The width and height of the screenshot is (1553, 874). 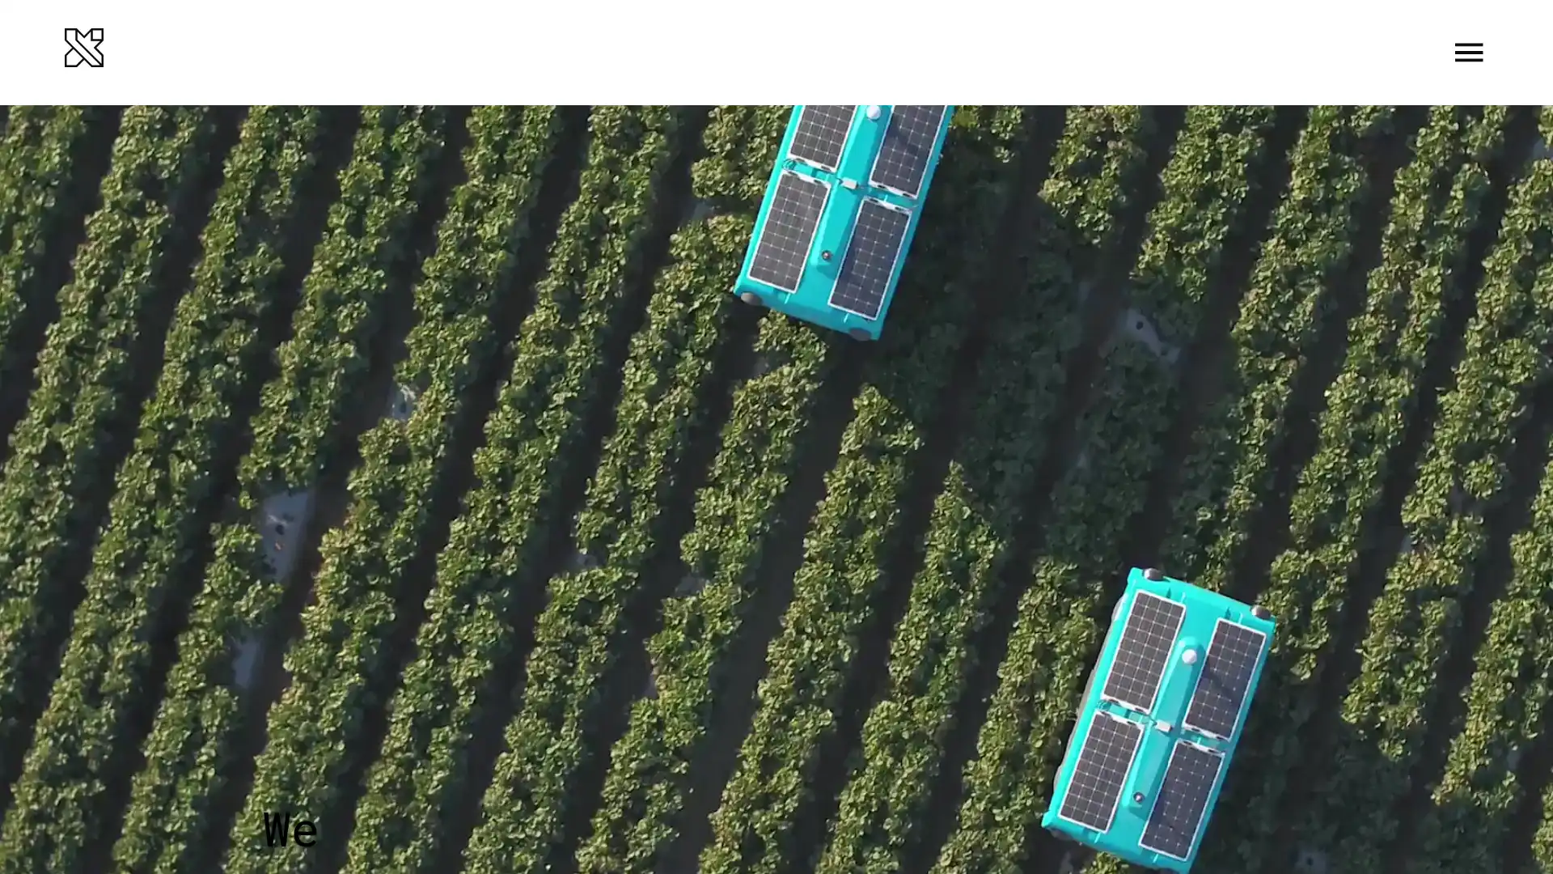 I want to click on A Makani plane takes off from an offshore buoy at sea and generates power from the wind Makani graduates After the latest Makani model generates 600 kilowatts of electricity  enough energy to power about 300 homes  Makani becomes an independent company within Alphabet and partners with Shell to continue working towards clean, affordable wind power., so click(x=819, y=114).